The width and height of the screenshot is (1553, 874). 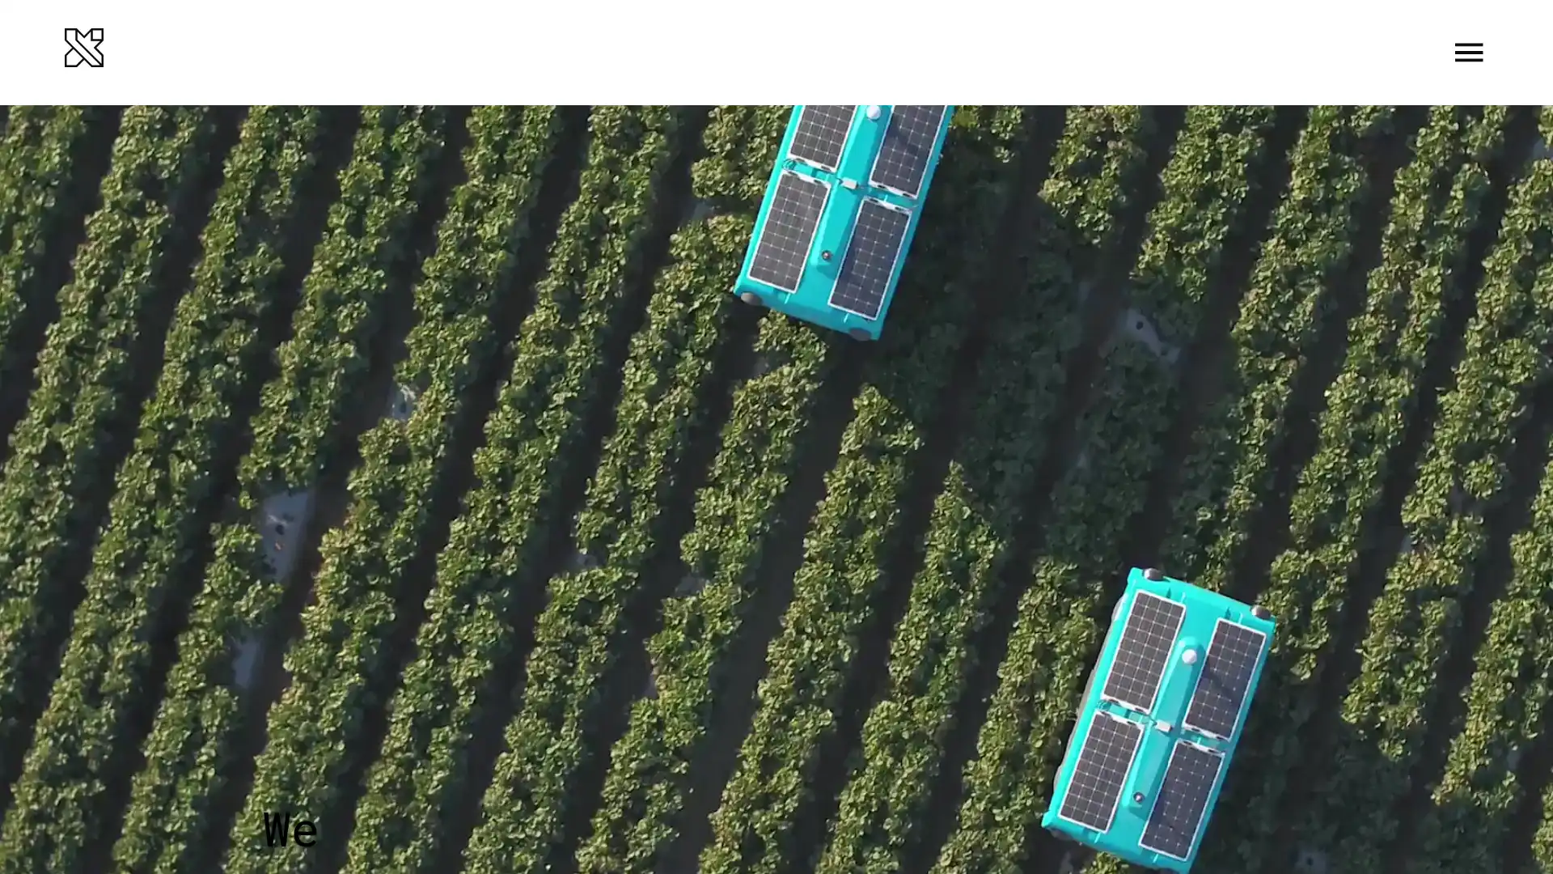 I want to click on A Makani plane takes off from an offshore buoy at sea and generates power from the wind Makani graduates After the latest Makani model generates 600 kilowatts of electricity  enough energy to power about 300 homes  Makani becomes an independent company within Alphabet and partners with Shell to continue working towards clean, affordable wind power., so click(x=819, y=114).